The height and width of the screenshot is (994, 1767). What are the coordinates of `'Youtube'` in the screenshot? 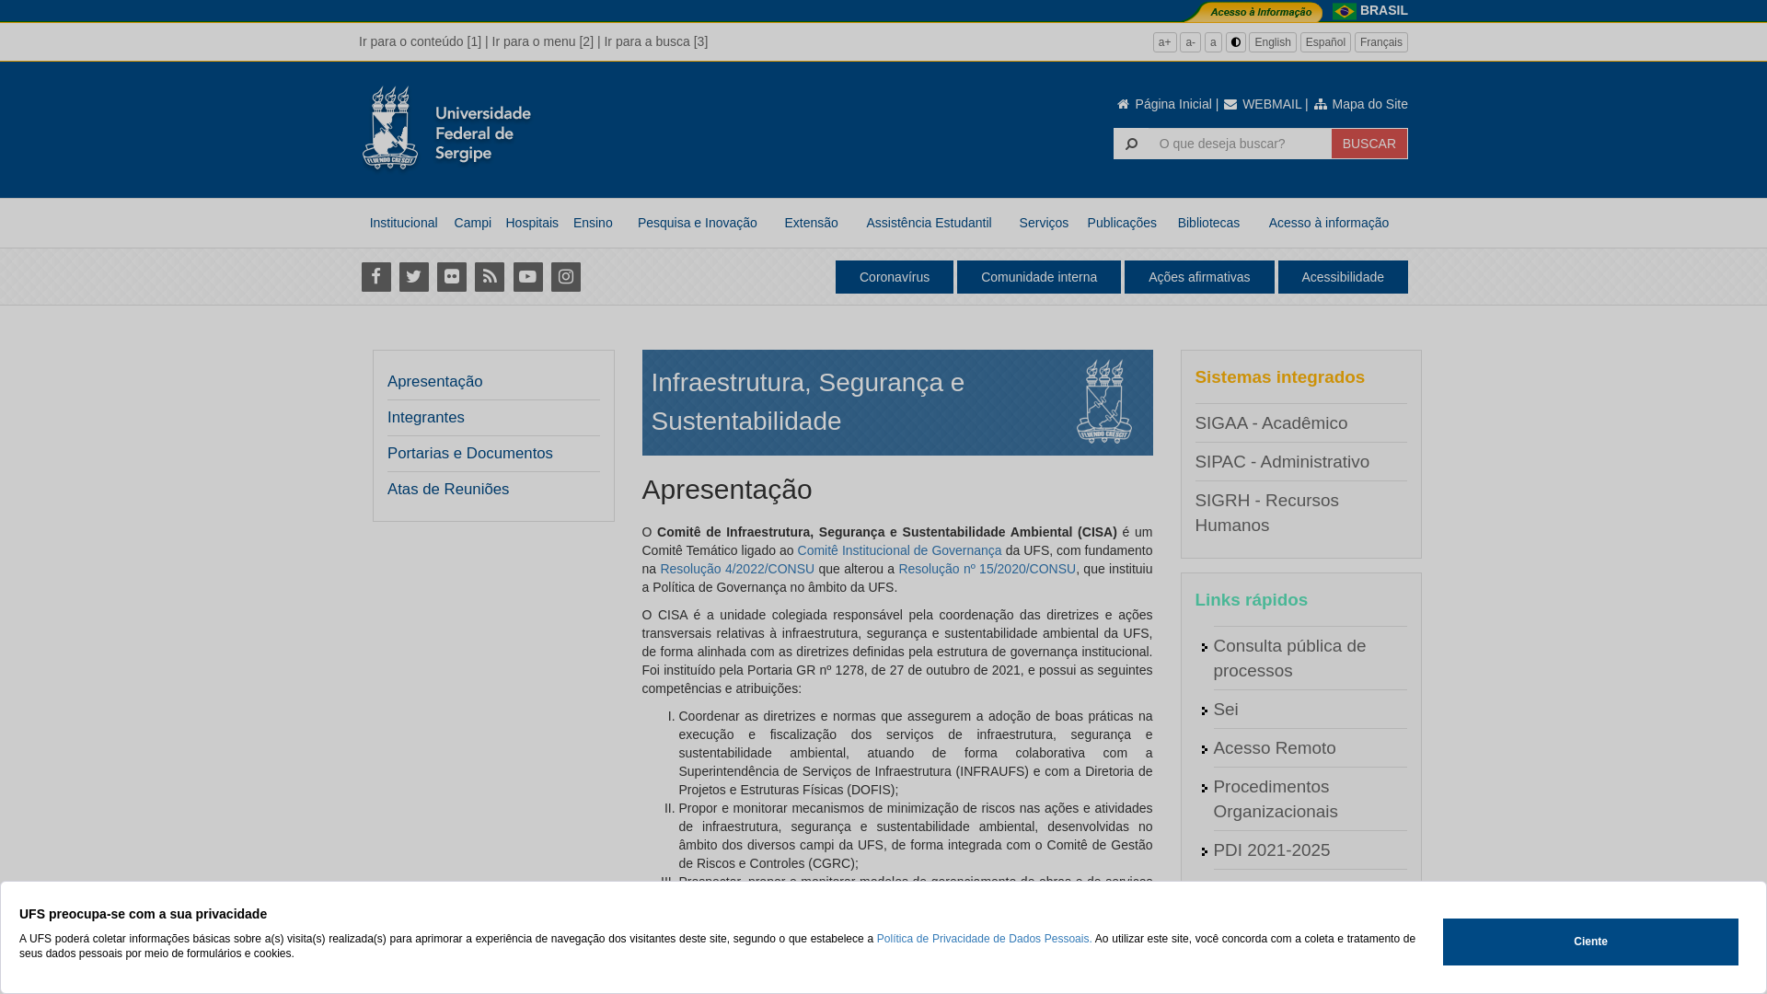 It's located at (511, 276).